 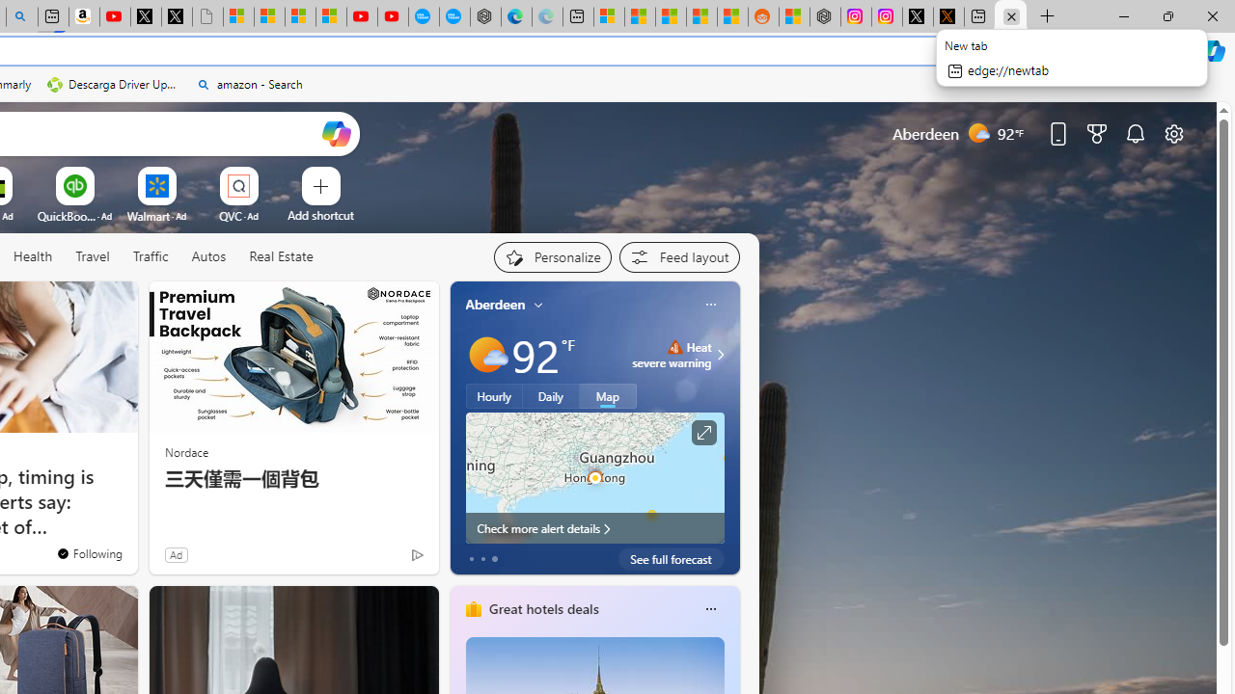 I want to click on 'Page settings', so click(x=1172, y=132).